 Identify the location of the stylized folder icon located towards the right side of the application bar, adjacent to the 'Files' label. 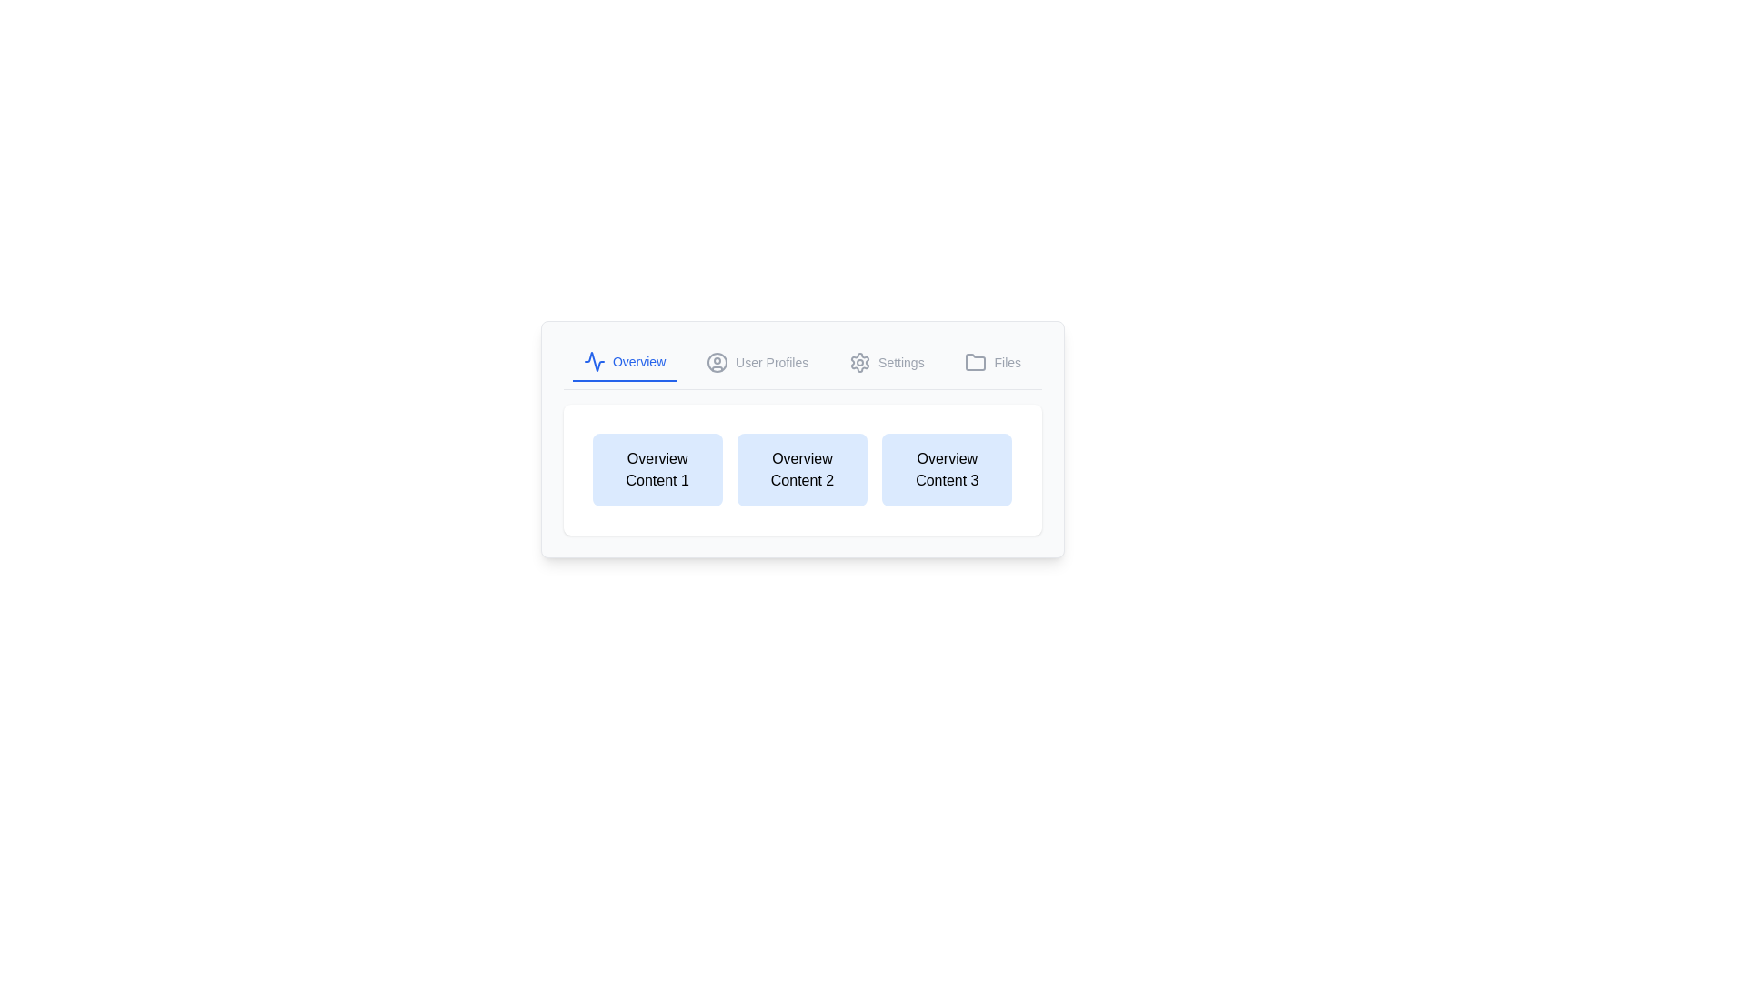
(975, 362).